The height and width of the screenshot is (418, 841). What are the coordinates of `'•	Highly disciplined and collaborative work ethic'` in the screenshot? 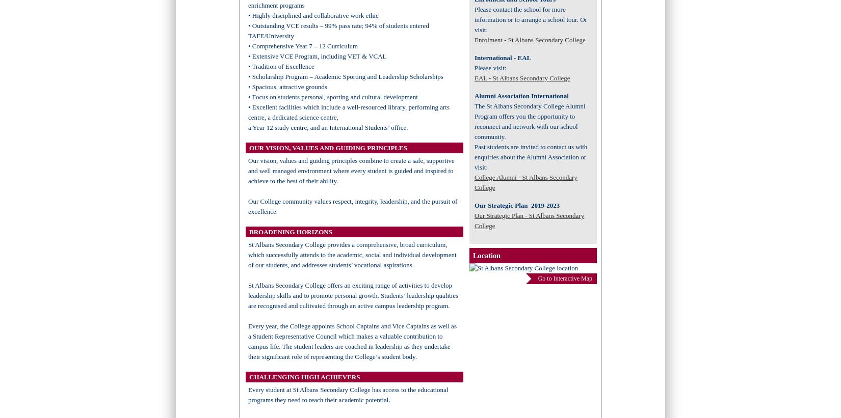 It's located at (312, 15).